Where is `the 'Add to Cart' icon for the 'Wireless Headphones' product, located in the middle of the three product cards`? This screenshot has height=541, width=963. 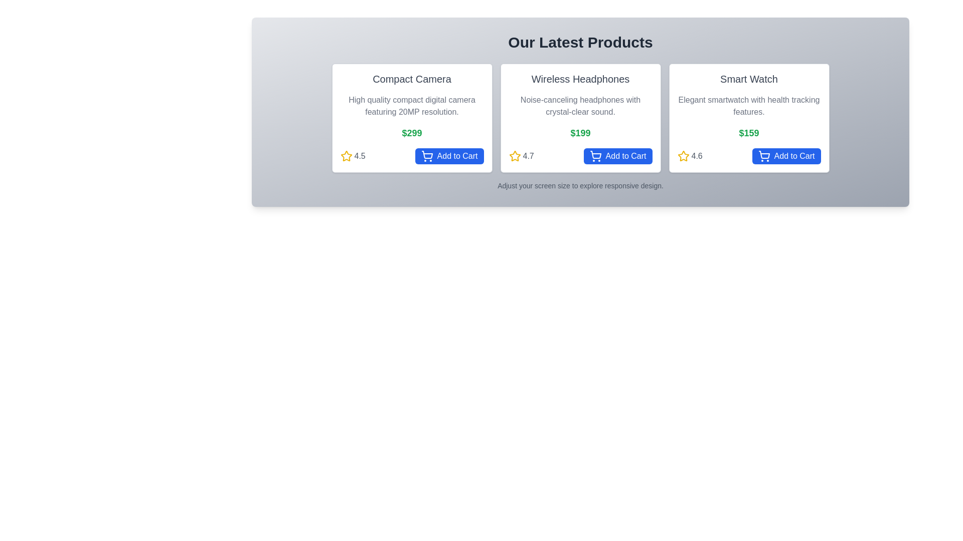
the 'Add to Cart' icon for the 'Wireless Headphones' product, located in the middle of the three product cards is located at coordinates (595, 156).